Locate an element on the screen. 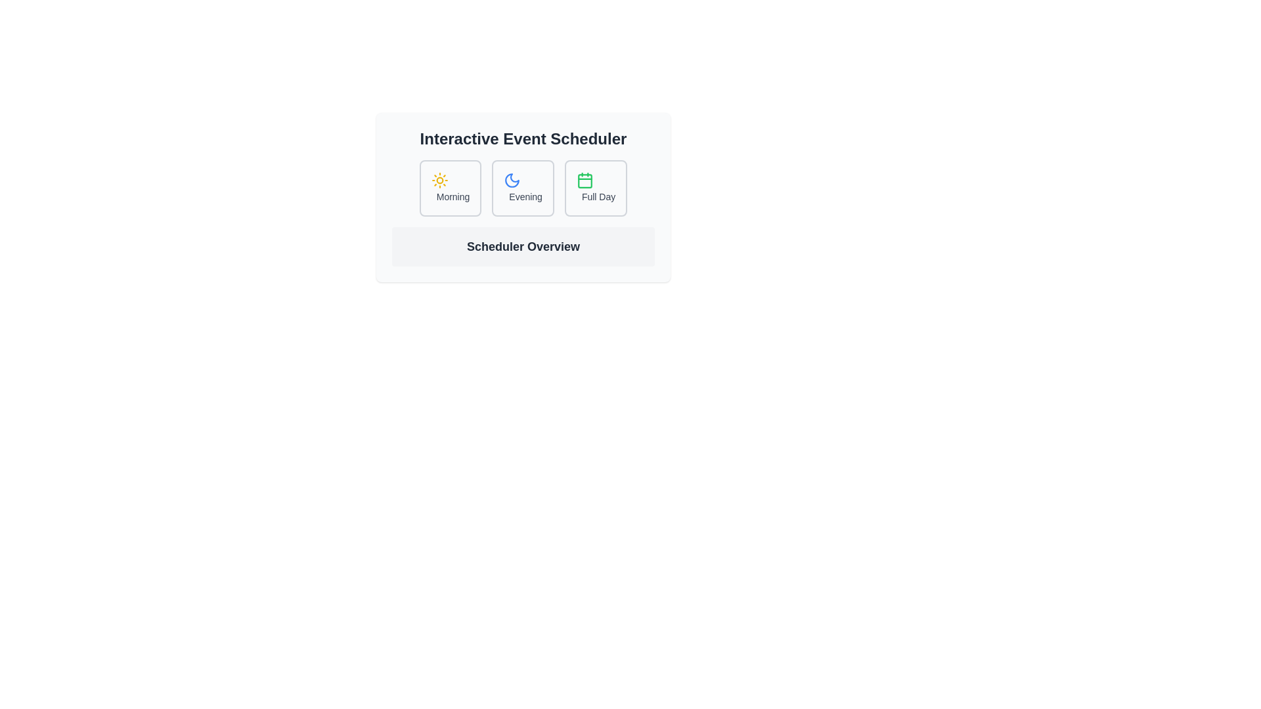  the 'Full Day' option card in the Interactive Event Scheduler interface is located at coordinates (595, 188).